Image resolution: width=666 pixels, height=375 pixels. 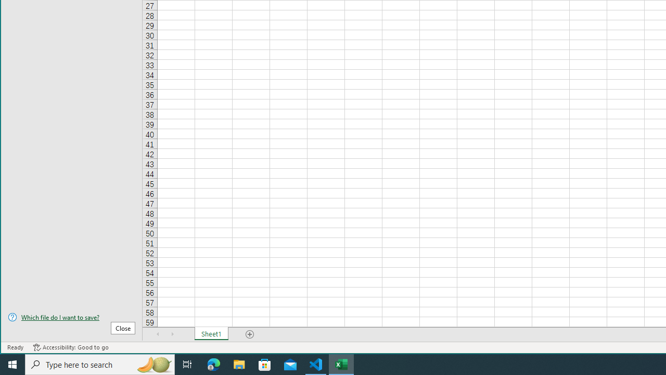 What do you see at coordinates (250, 334) in the screenshot?
I see `'Add Sheet'` at bounding box center [250, 334].